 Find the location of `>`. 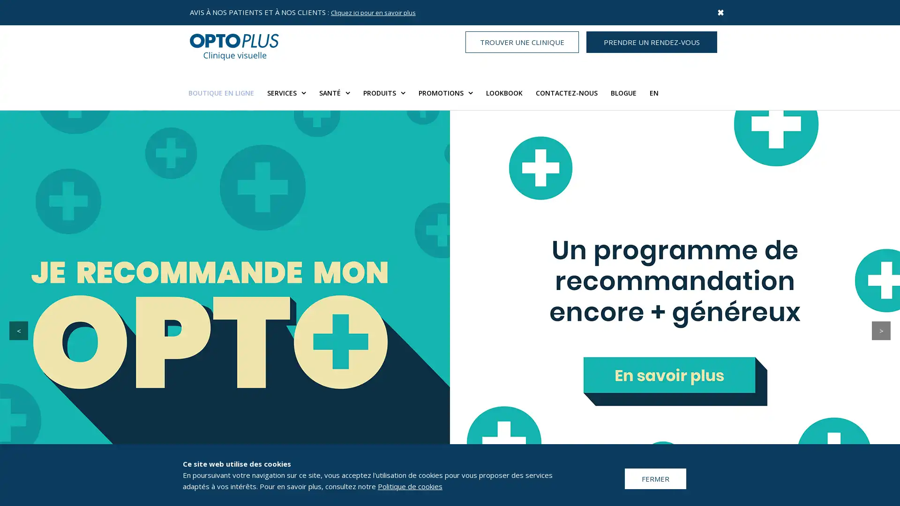

> is located at coordinates (881, 330).